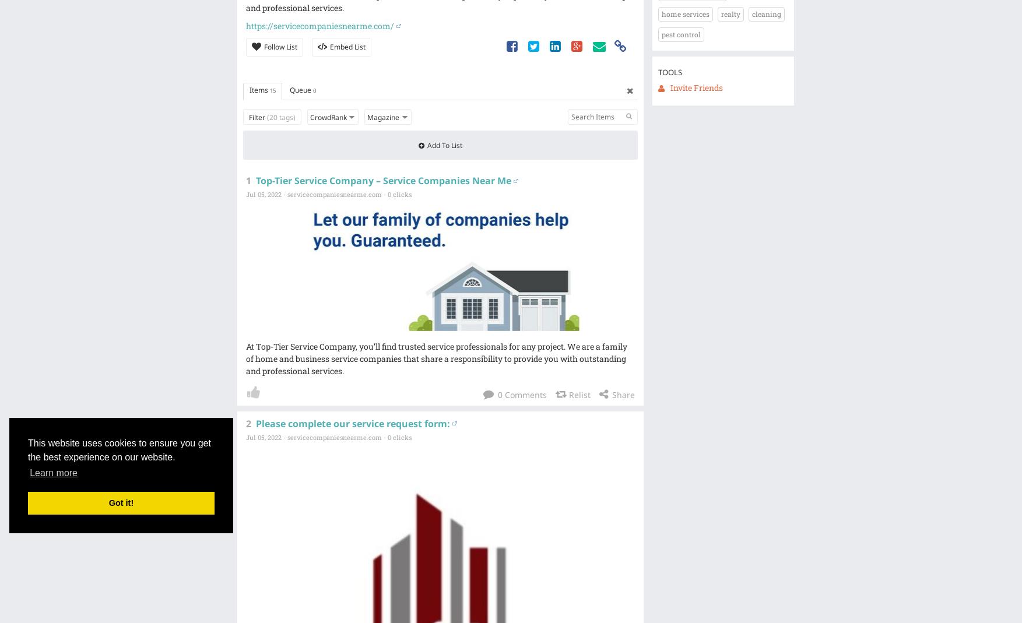 This screenshot has height=623, width=1022. I want to click on 'Items', so click(258, 90).